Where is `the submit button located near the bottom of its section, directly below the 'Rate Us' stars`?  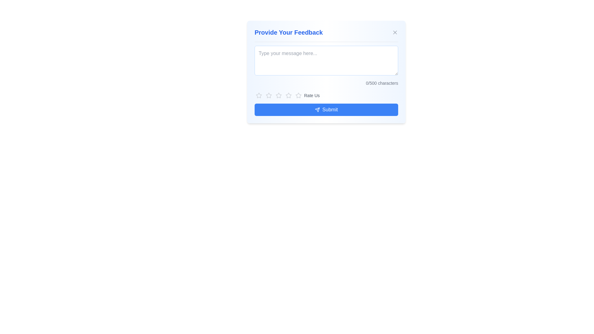
the submit button located near the bottom of its section, directly below the 'Rate Us' stars is located at coordinates (326, 109).